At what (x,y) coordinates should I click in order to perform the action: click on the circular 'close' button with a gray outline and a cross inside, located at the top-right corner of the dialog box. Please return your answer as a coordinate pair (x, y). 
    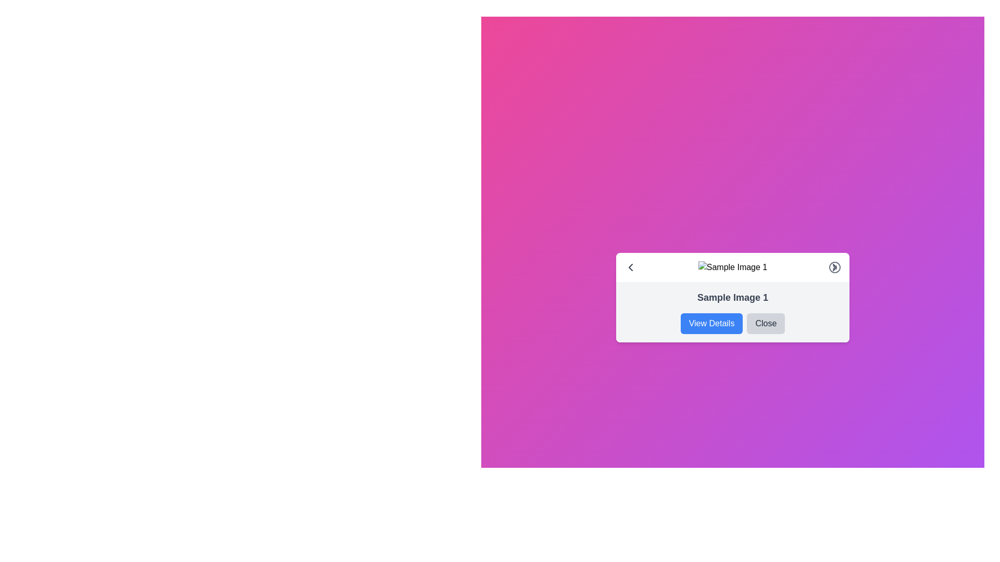
    Looking at the image, I should click on (835, 266).